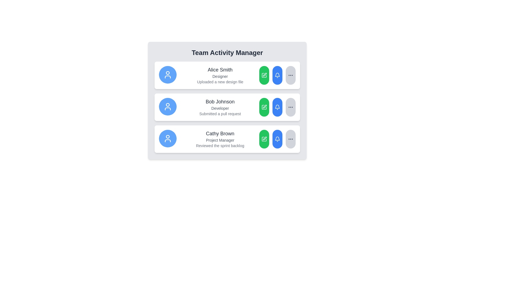  I want to click on the options button, which is the third button from the left in the last row of the actions section for the item labeled 'Cathy Brown', so click(290, 139).